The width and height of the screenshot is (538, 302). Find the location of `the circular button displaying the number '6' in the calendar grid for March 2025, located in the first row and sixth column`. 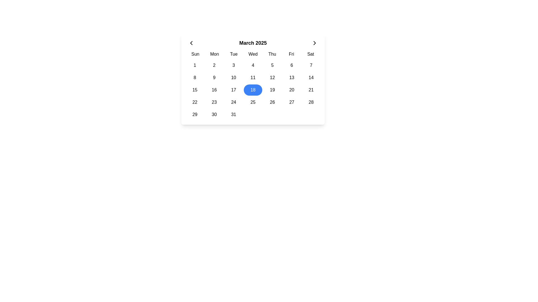

the circular button displaying the number '6' in the calendar grid for March 2025, located in the first row and sixth column is located at coordinates (291, 65).